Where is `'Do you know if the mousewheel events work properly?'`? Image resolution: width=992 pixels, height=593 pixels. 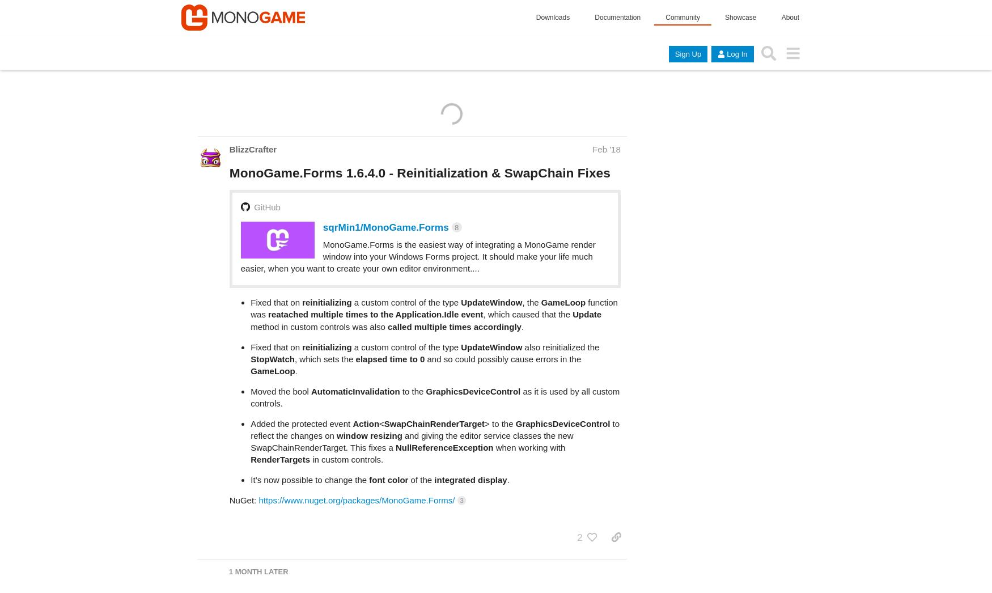 'Do you know if the mousewheel events work properly?' is located at coordinates (228, 575).